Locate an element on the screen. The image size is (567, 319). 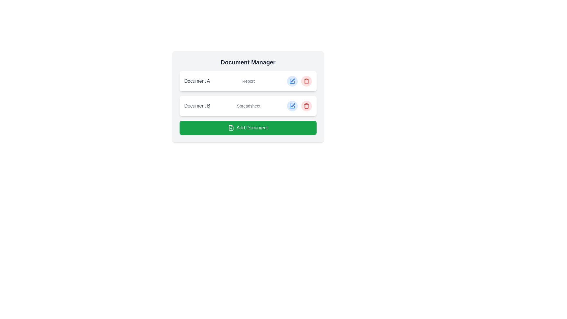
the blue edit button located to the right of the row labeled 'Document A' in the Document Manager panel is located at coordinates (292, 81).